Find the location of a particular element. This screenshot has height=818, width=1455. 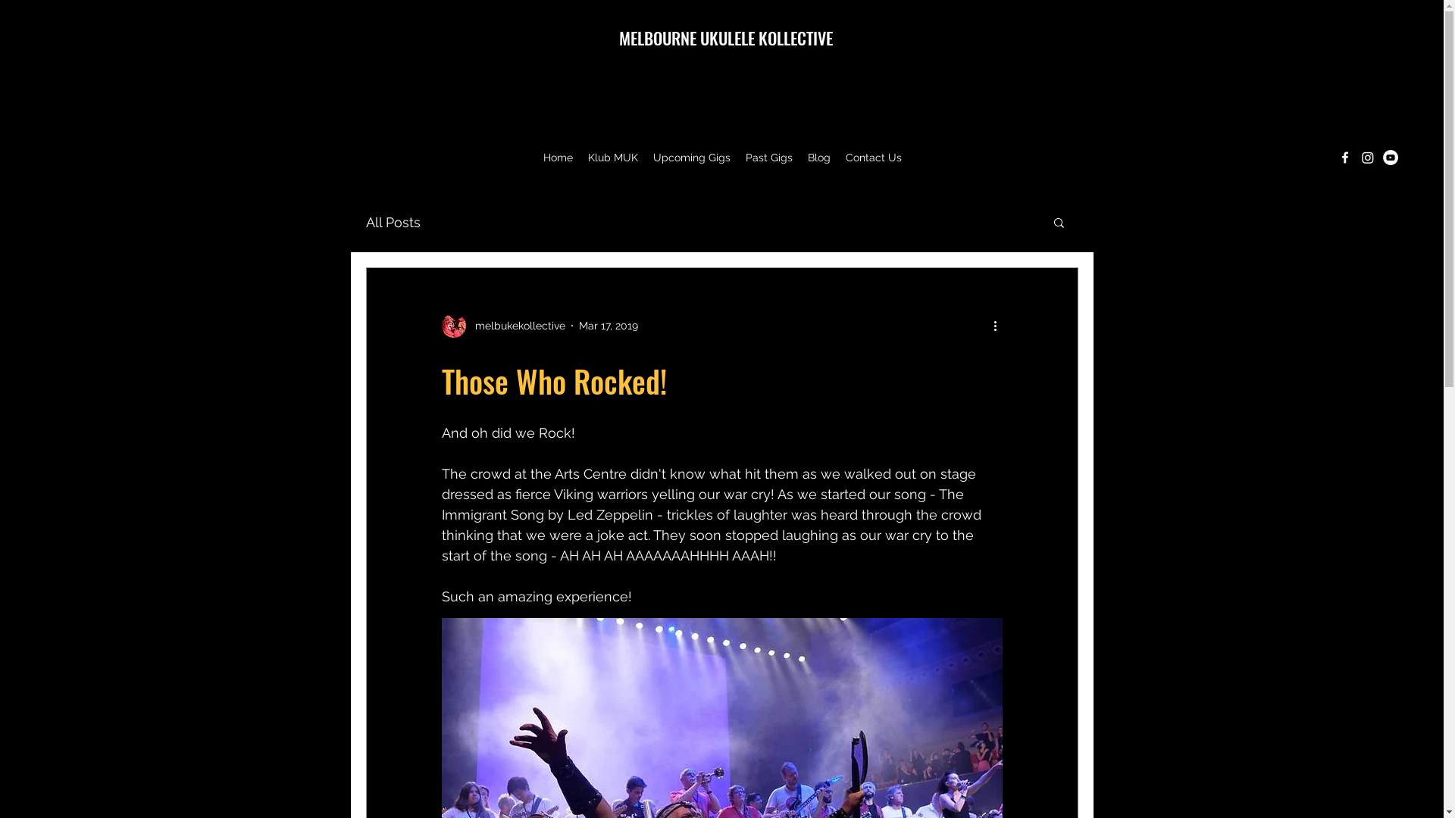

'Klub MUK' is located at coordinates (580, 158).